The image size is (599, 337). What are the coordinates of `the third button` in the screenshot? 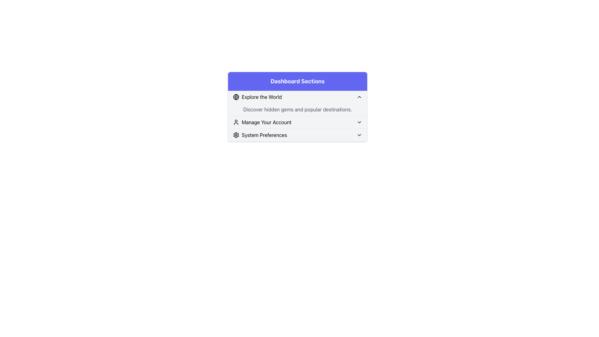 It's located at (297, 134).